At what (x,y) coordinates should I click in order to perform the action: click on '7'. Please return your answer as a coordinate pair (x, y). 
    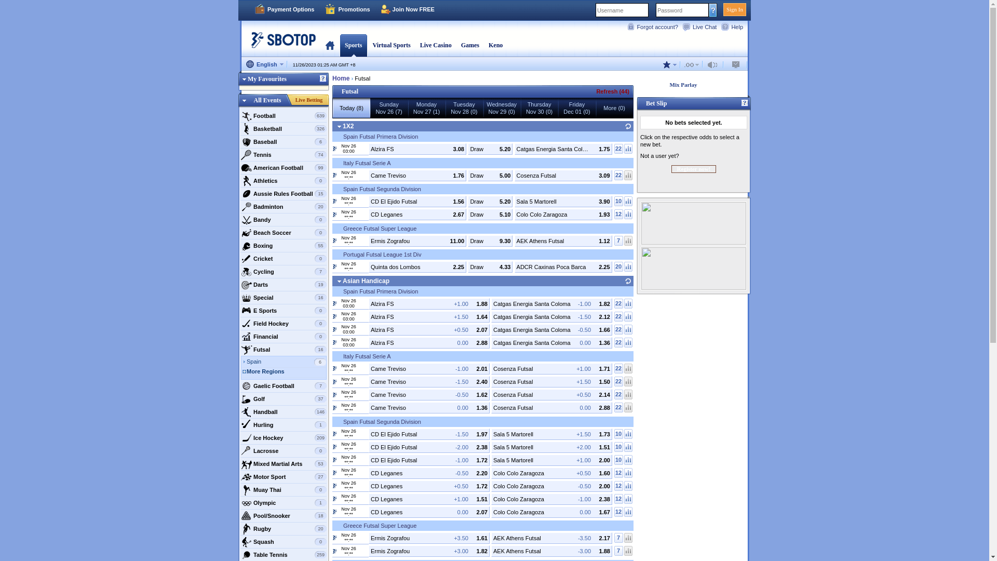
    Looking at the image, I should click on (618, 550).